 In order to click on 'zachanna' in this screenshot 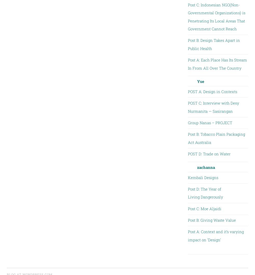, I will do `click(206, 167)`.